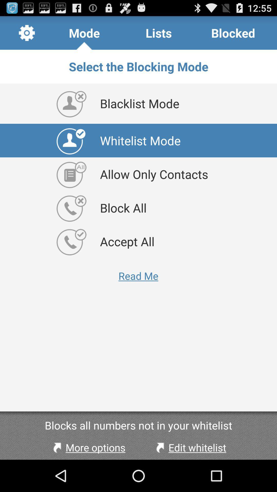 Image resolution: width=277 pixels, height=492 pixels. I want to click on the app to the right of the lists item, so click(233, 33).